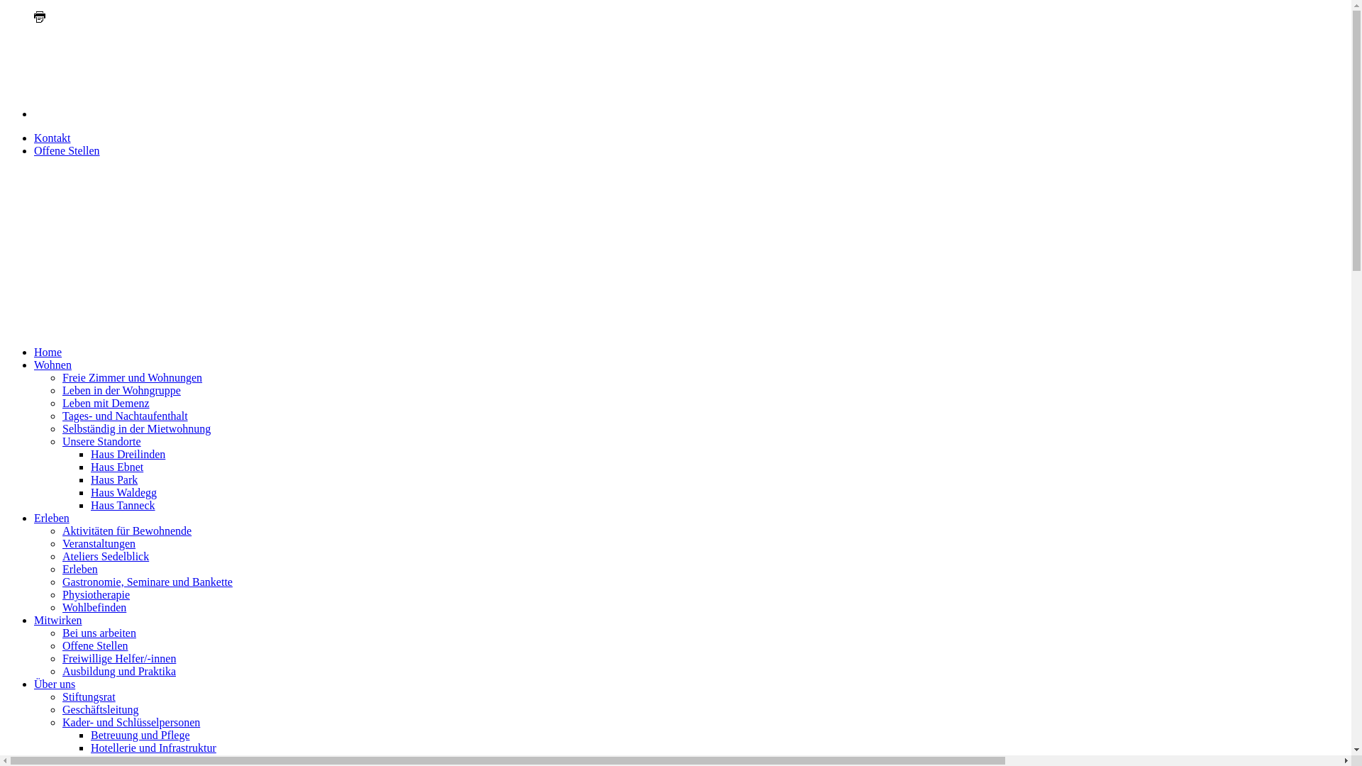  I want to click on 'Bei uns arbeiten', so click(98, 632).